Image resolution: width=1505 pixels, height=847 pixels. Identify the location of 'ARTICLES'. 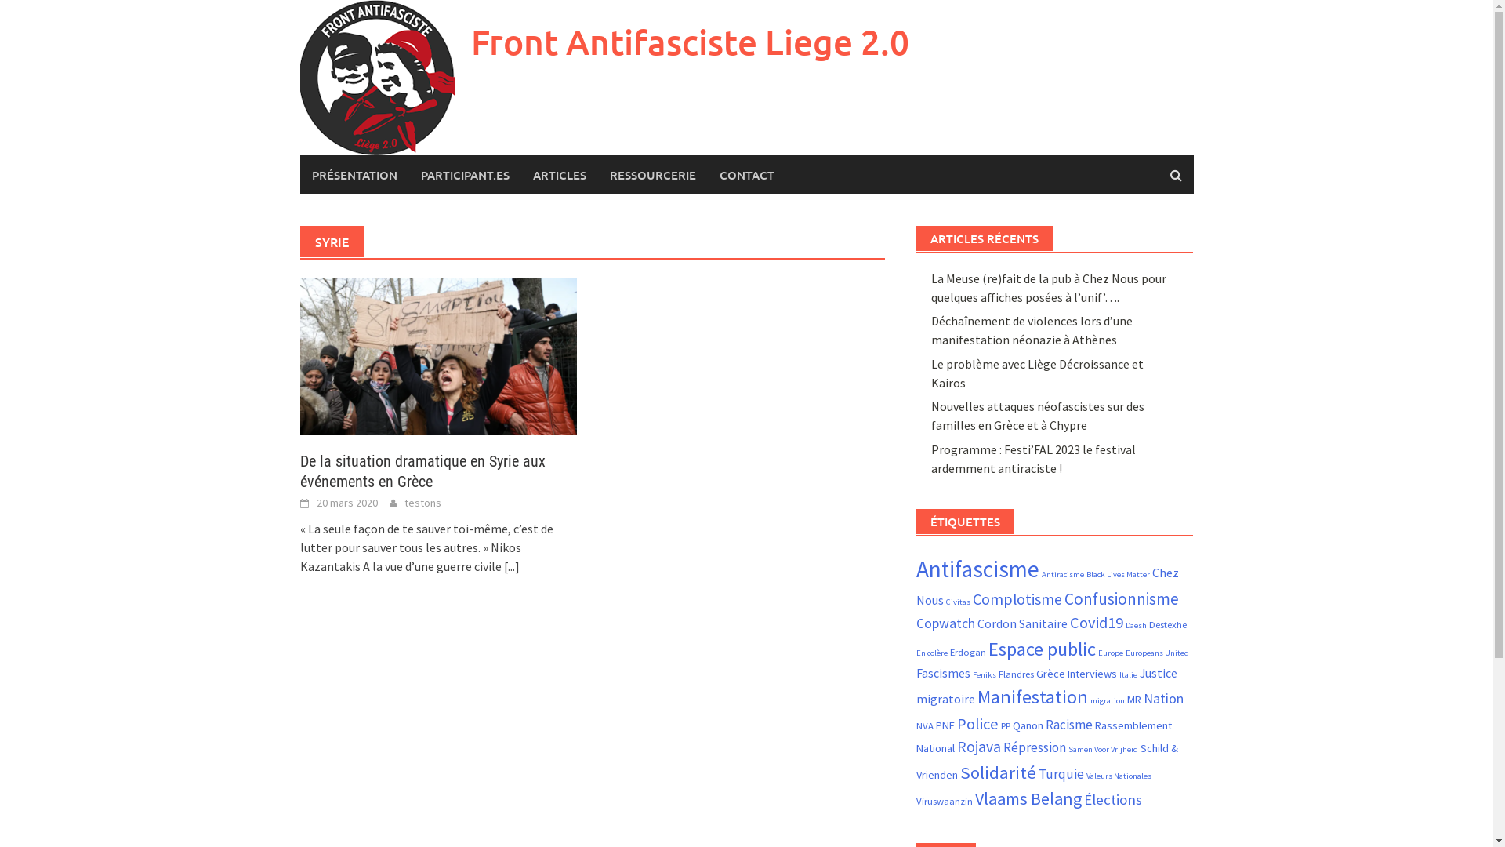
(559, 175).